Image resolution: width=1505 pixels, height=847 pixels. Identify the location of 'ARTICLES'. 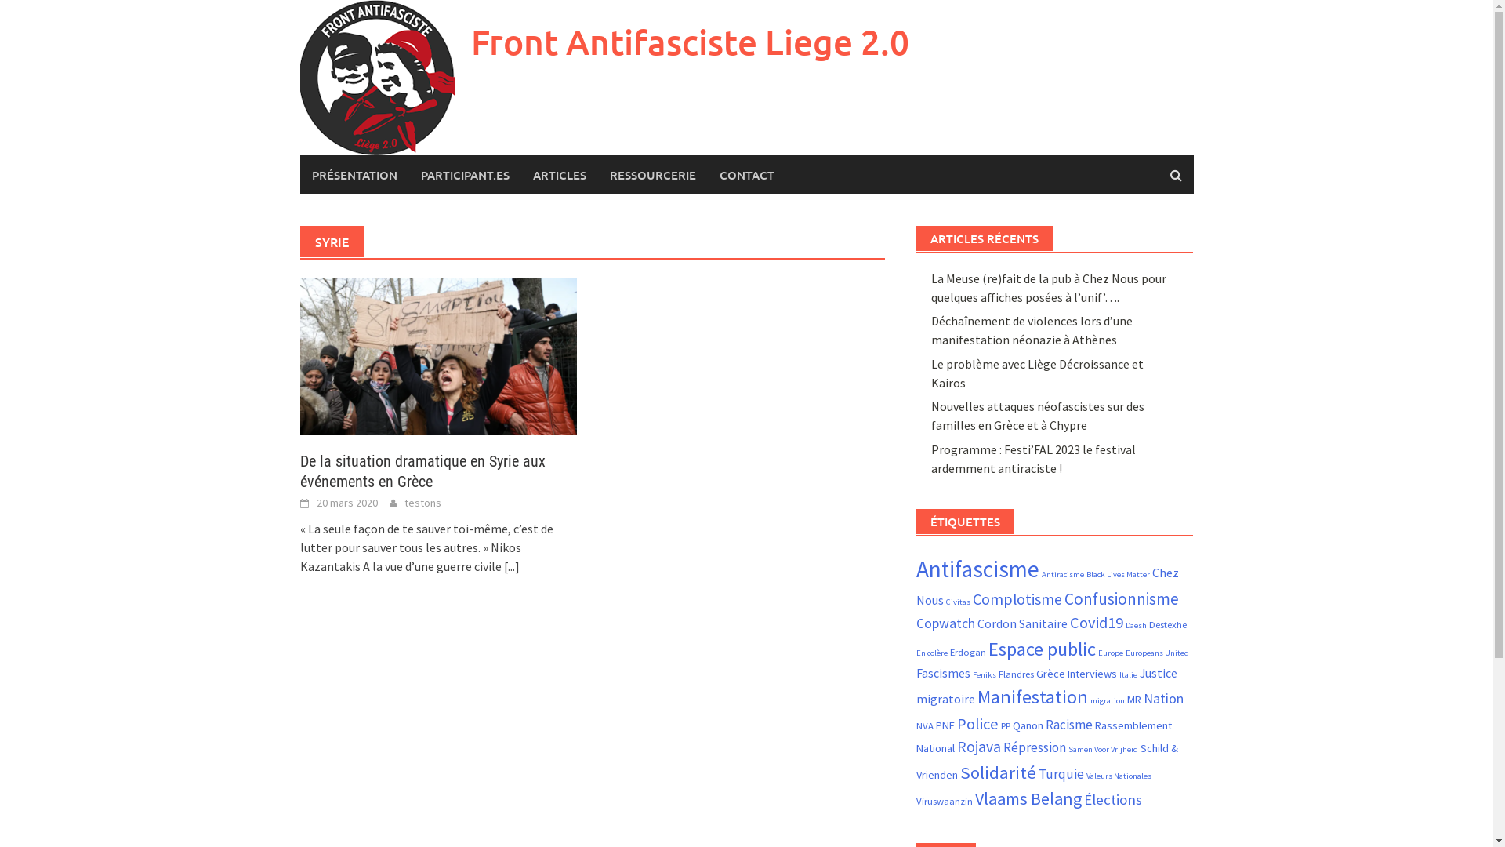
(559, 175).